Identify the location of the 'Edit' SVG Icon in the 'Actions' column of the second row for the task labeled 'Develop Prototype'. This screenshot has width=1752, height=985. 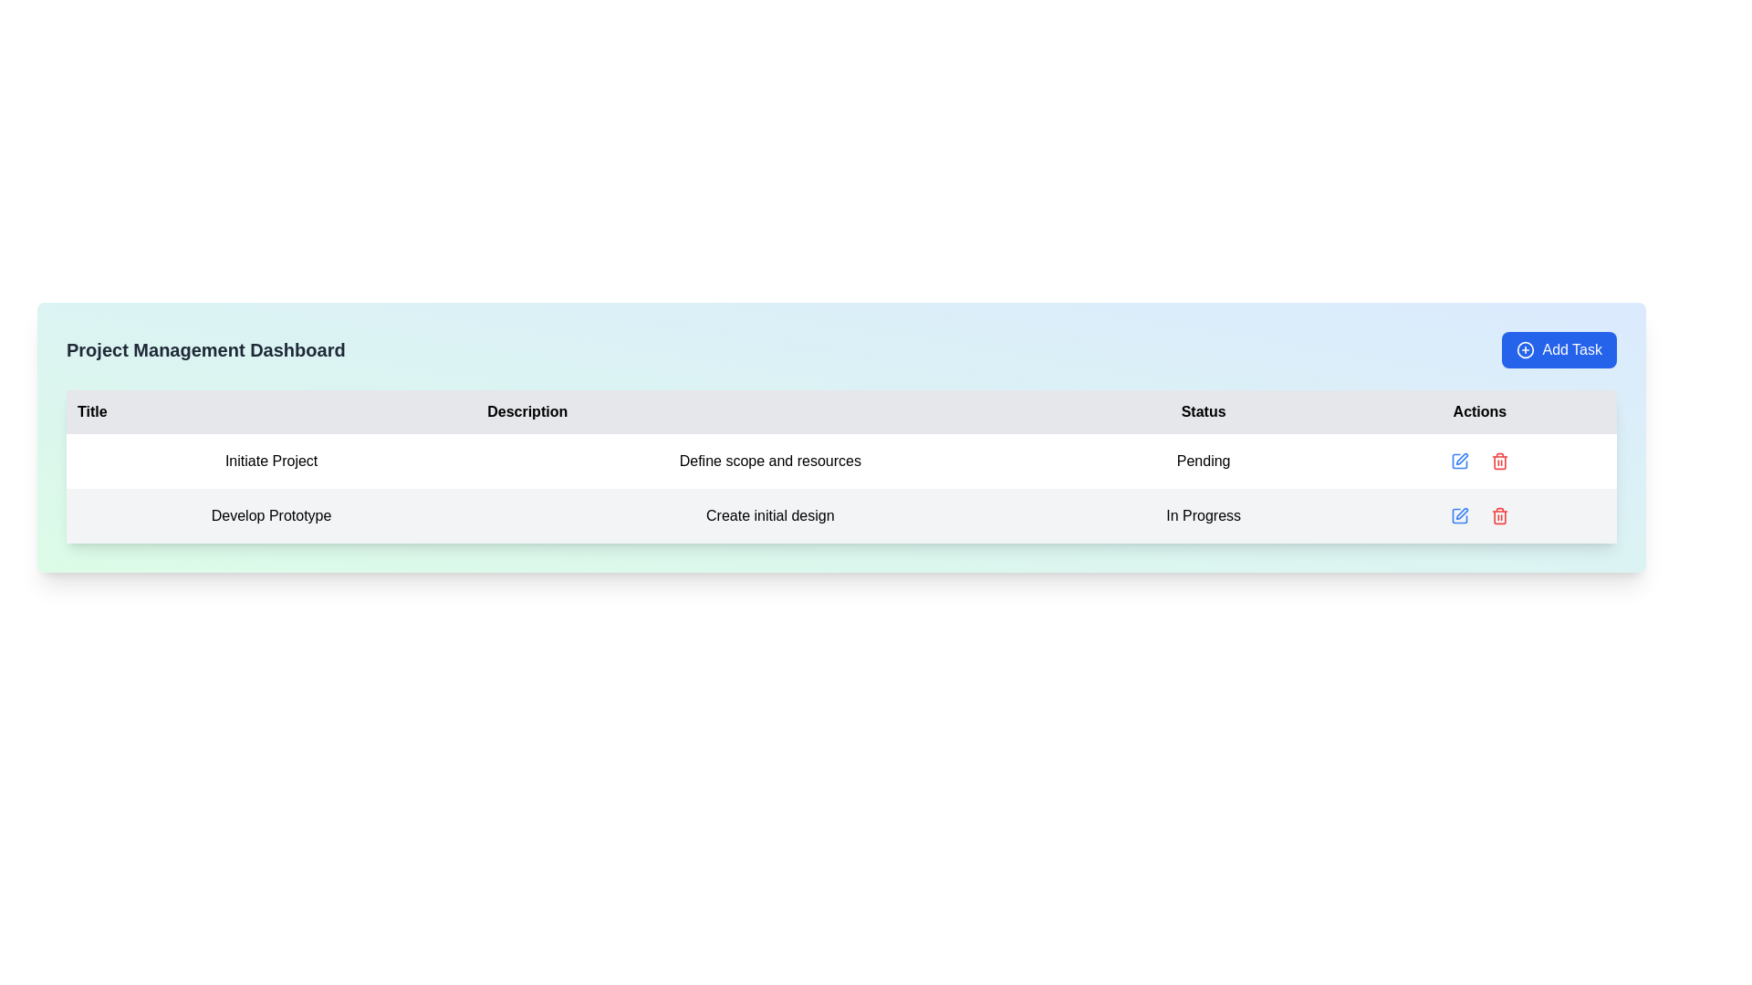
(1458, 516).